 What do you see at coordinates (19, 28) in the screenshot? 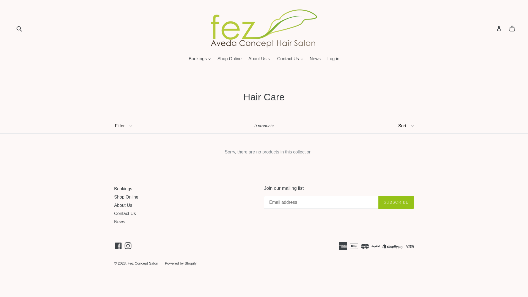
I see `'Submit'` at bounding box center [19, 28].